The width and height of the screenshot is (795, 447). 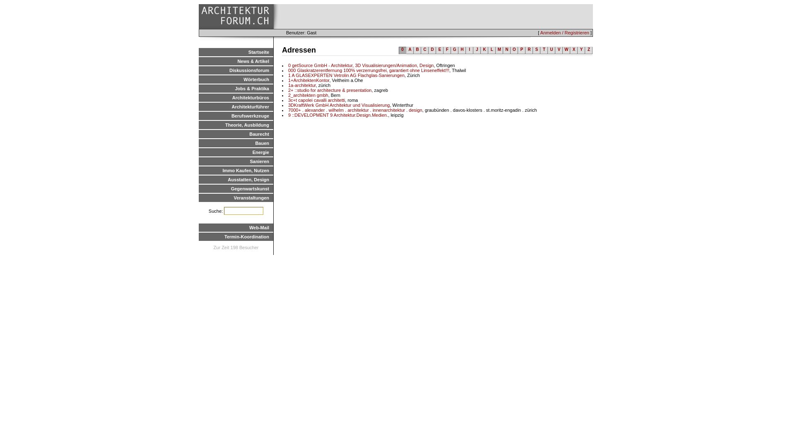 I want to click on 'Energie', so click(x=236, y=152).